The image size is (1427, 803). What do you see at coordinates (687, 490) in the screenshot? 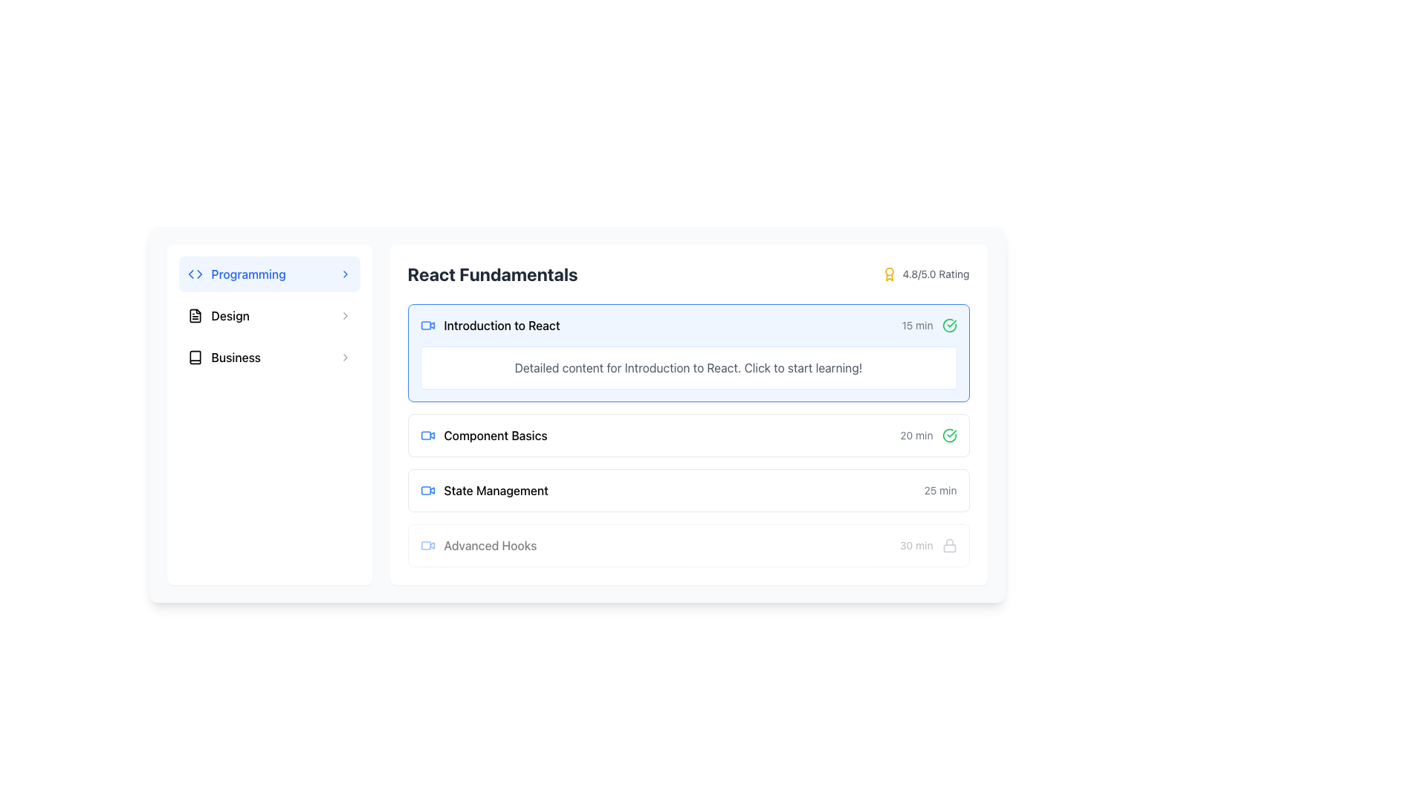
I see `to select the educational module titled 'State Management', which is the second item in the 'React Fundamentals' section, positioned between 'Component Basics' and 'Advanced Hooks'` at bounding box center [687, 490].